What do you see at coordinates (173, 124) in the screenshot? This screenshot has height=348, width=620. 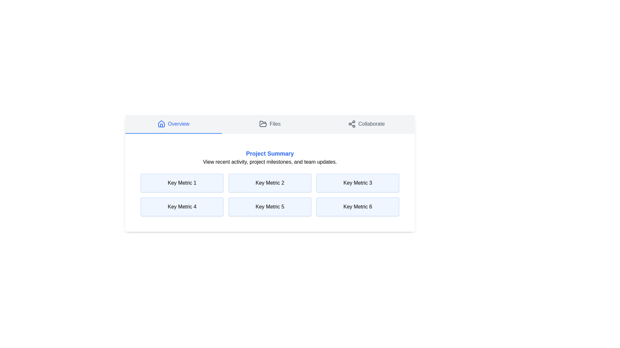 I see `the 'Overview' tab` at bounding box center [173, 124].